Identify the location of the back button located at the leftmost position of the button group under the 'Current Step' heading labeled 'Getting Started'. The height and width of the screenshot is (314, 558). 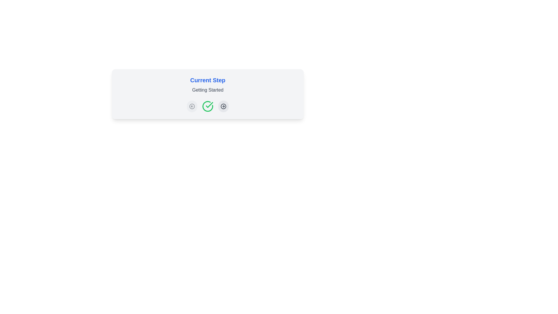
(192, 106).